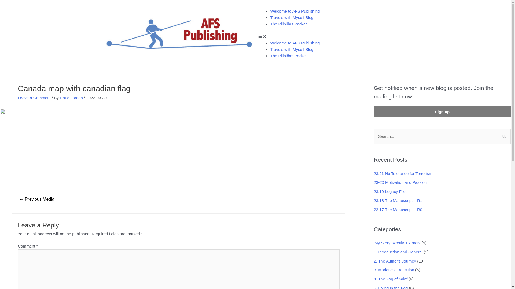  I want to click on 'AFSP_Logo_for_letterhead', so click(179, 34).